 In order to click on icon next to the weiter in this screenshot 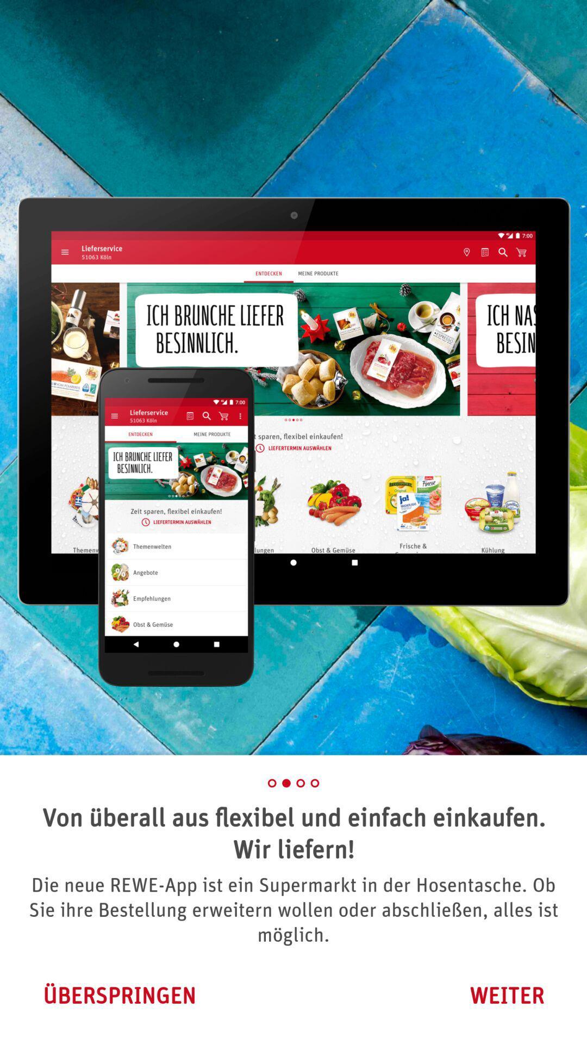, I will do `click(119, 995)`.